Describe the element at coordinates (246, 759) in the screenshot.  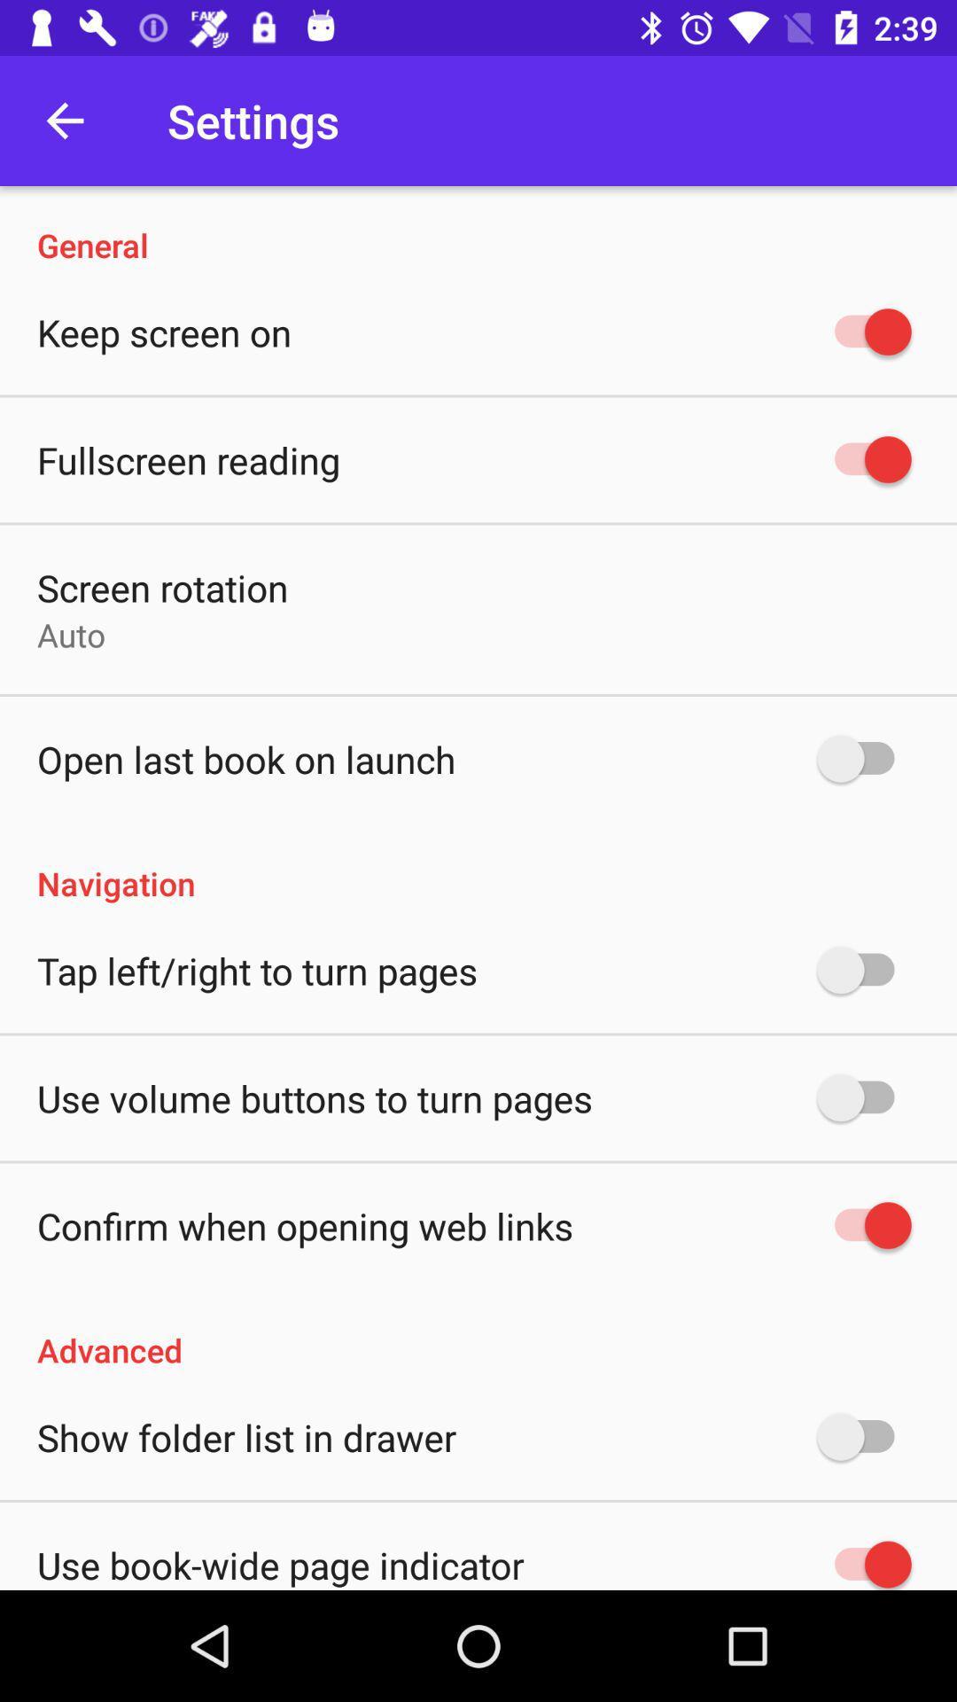
I see `the open last book` at that location.